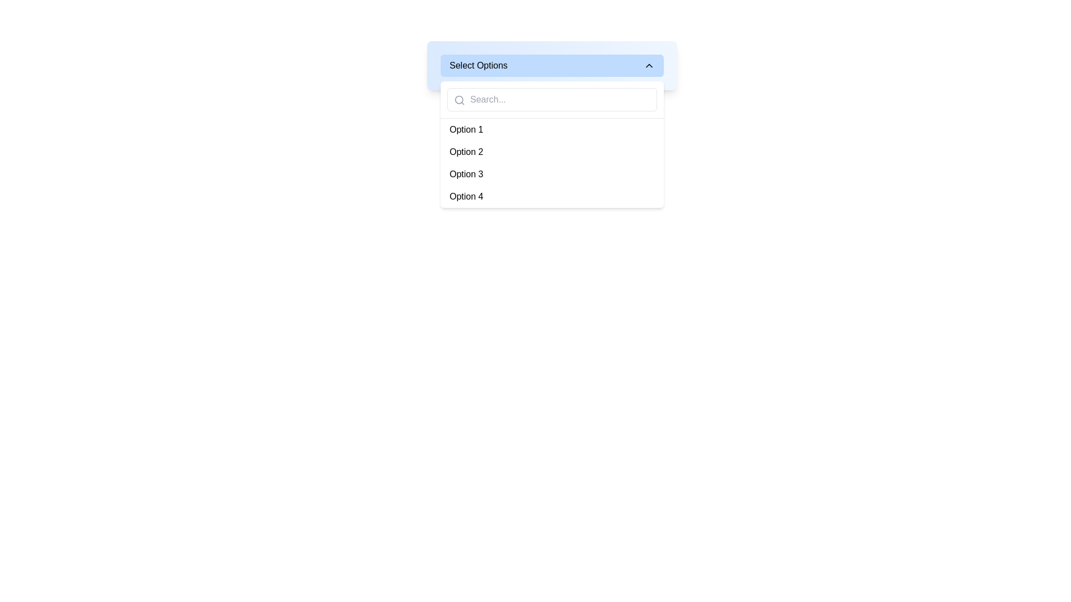  What do you see at coordinates (552, 196) in the screenshot?
I see `the 'Option 4' from the dropdown menu by clicking on the text label` at bounding box center [552, 196].